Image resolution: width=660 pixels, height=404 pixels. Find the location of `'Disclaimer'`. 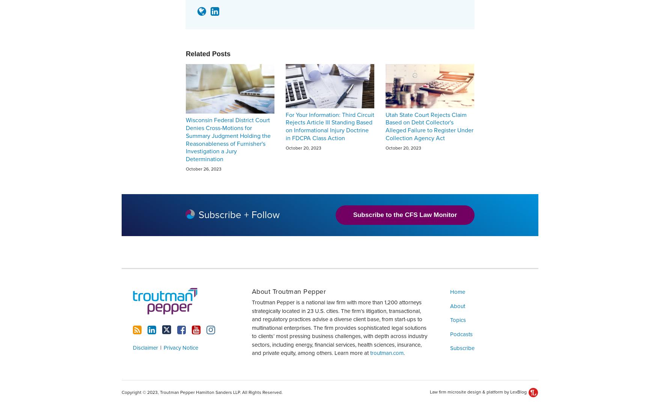

'Disclaimer' is located at coordinates (145, 347).